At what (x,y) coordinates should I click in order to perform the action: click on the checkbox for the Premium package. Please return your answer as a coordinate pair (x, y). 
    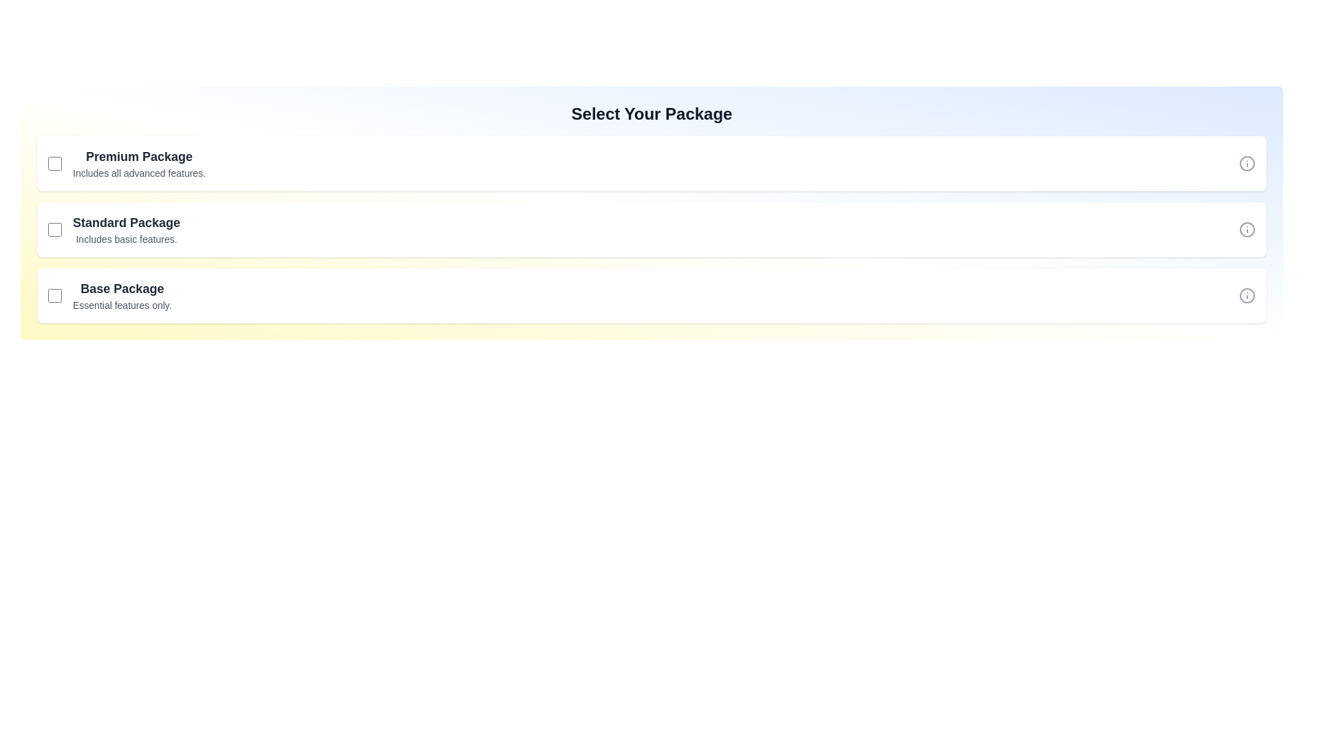
    Looking at the image, I should click on (55, 163).